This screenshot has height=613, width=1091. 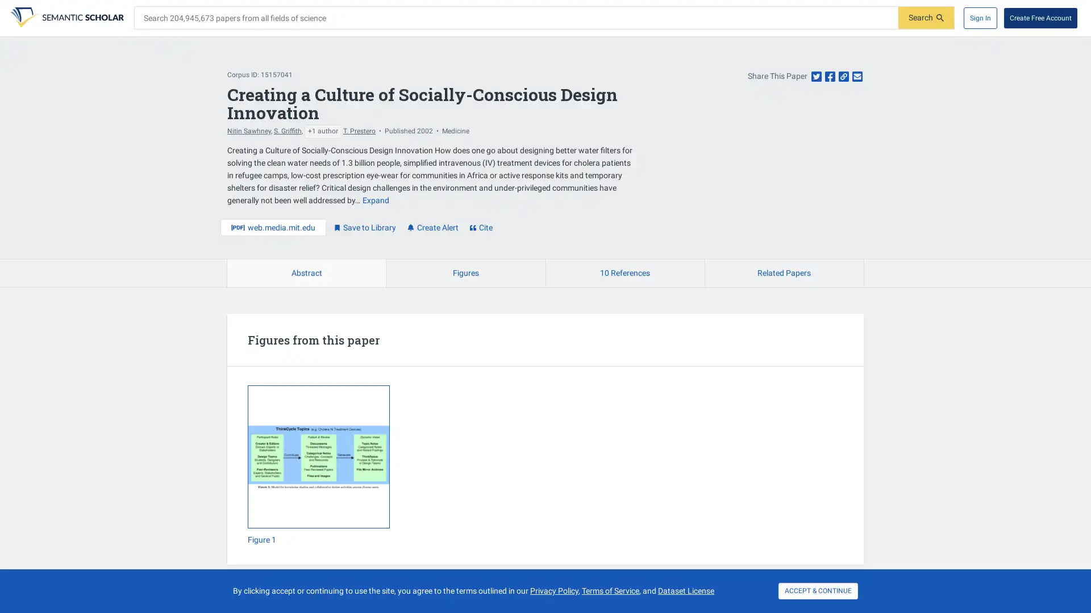 What do you see at coordinates (818, 590) in the screenshot?
I see `ACCEPT & CONTINUE` at bounding box center [818, 590].